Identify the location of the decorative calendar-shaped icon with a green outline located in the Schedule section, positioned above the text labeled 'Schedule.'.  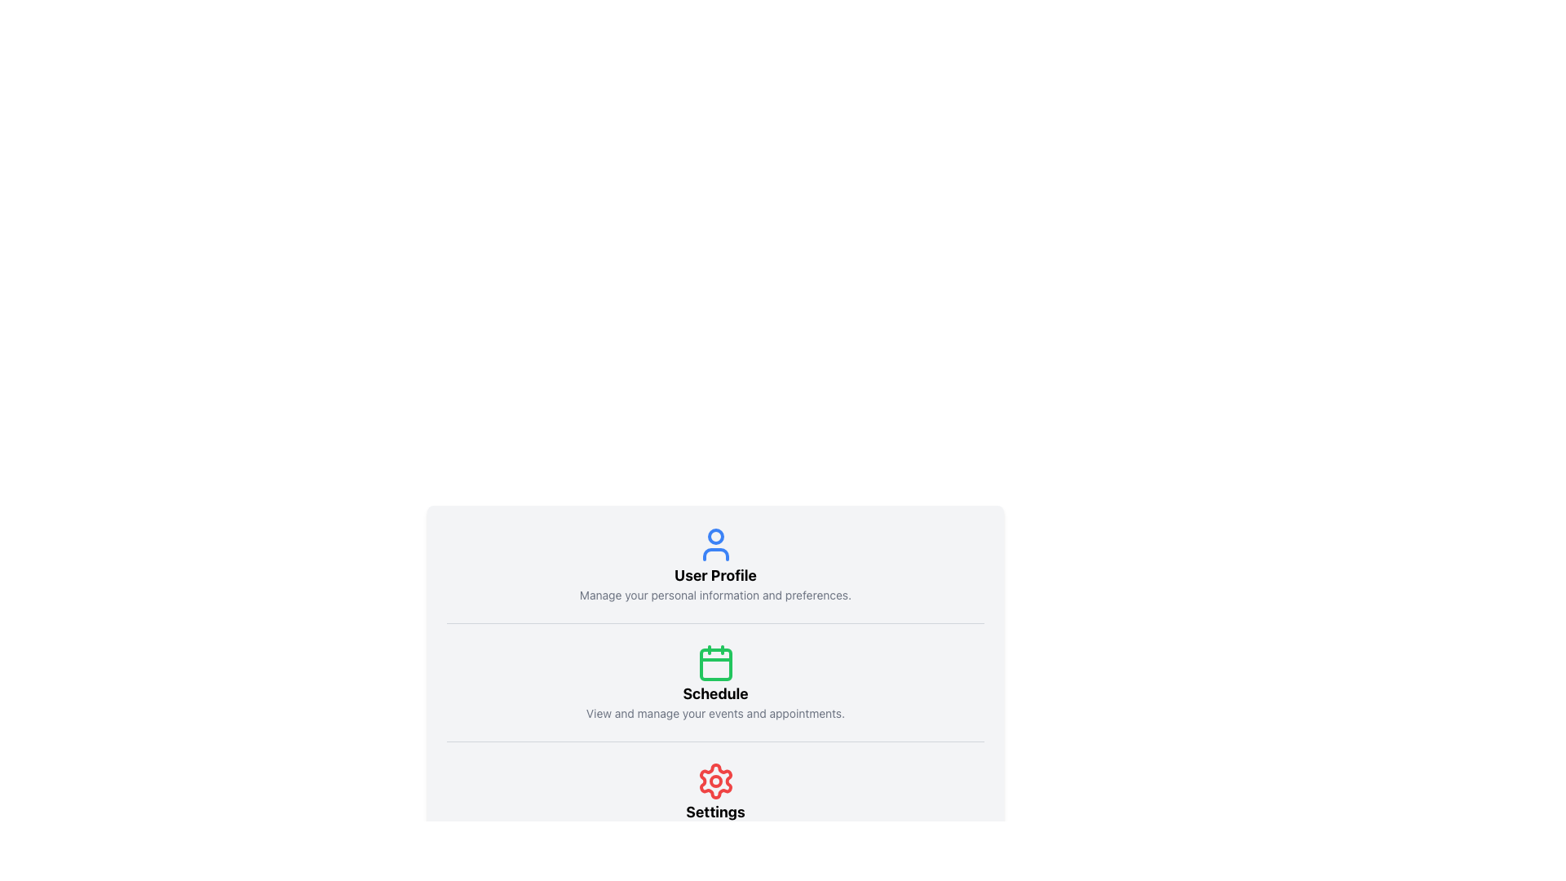
(715, 663).